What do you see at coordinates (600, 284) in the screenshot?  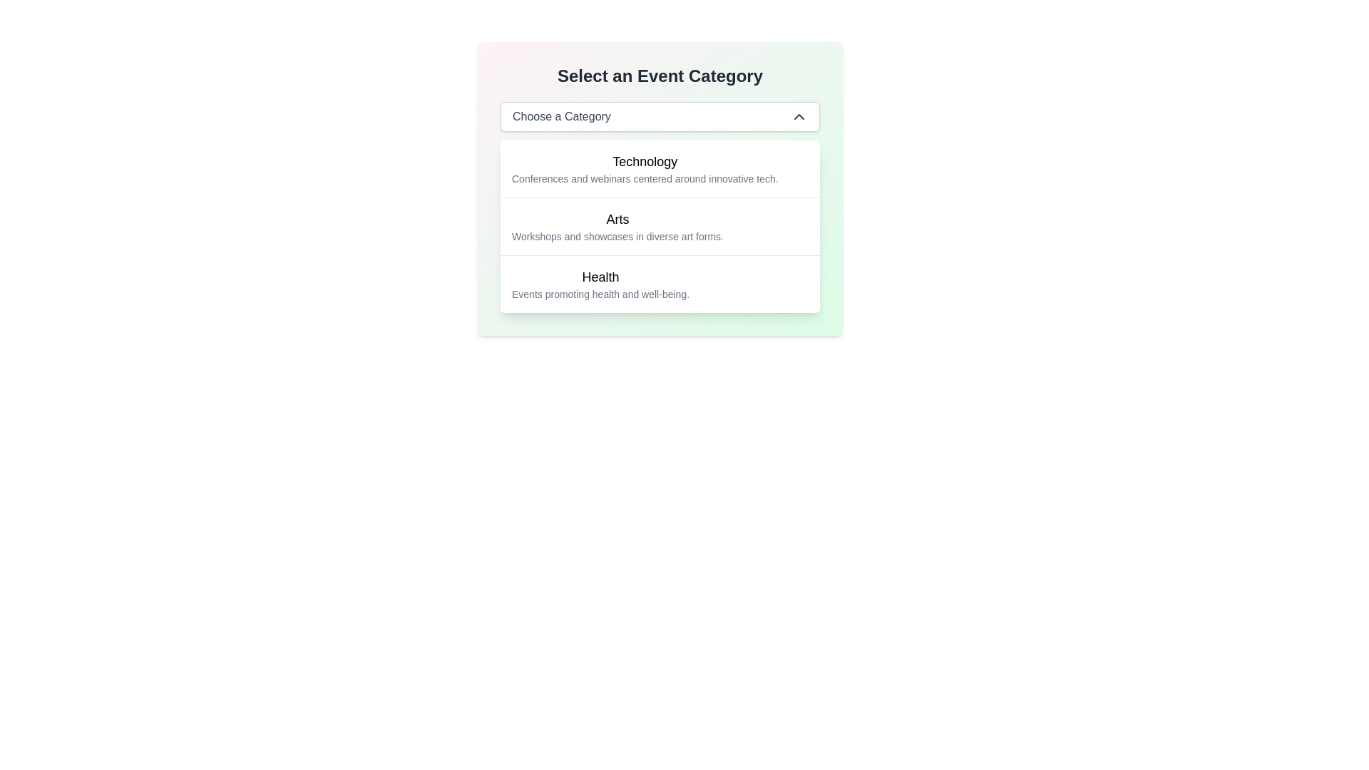 I see `the text block representing the health and well-being category in the dropdown menu` at bounding box center [600, 284].